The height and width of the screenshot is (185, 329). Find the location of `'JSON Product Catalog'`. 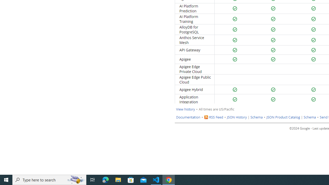

'JSON Product Catalog' is located at coordinates (283, 117).